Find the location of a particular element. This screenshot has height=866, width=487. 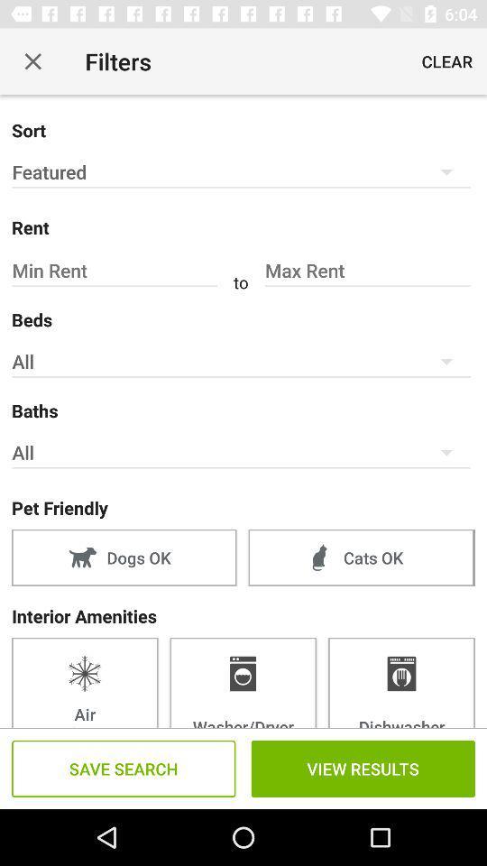

item next to washer/dryer icon is located at coordinates (401, 681).